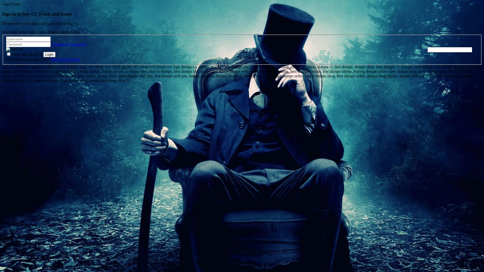  I want to click on 'Create an account', so click(65, 59).